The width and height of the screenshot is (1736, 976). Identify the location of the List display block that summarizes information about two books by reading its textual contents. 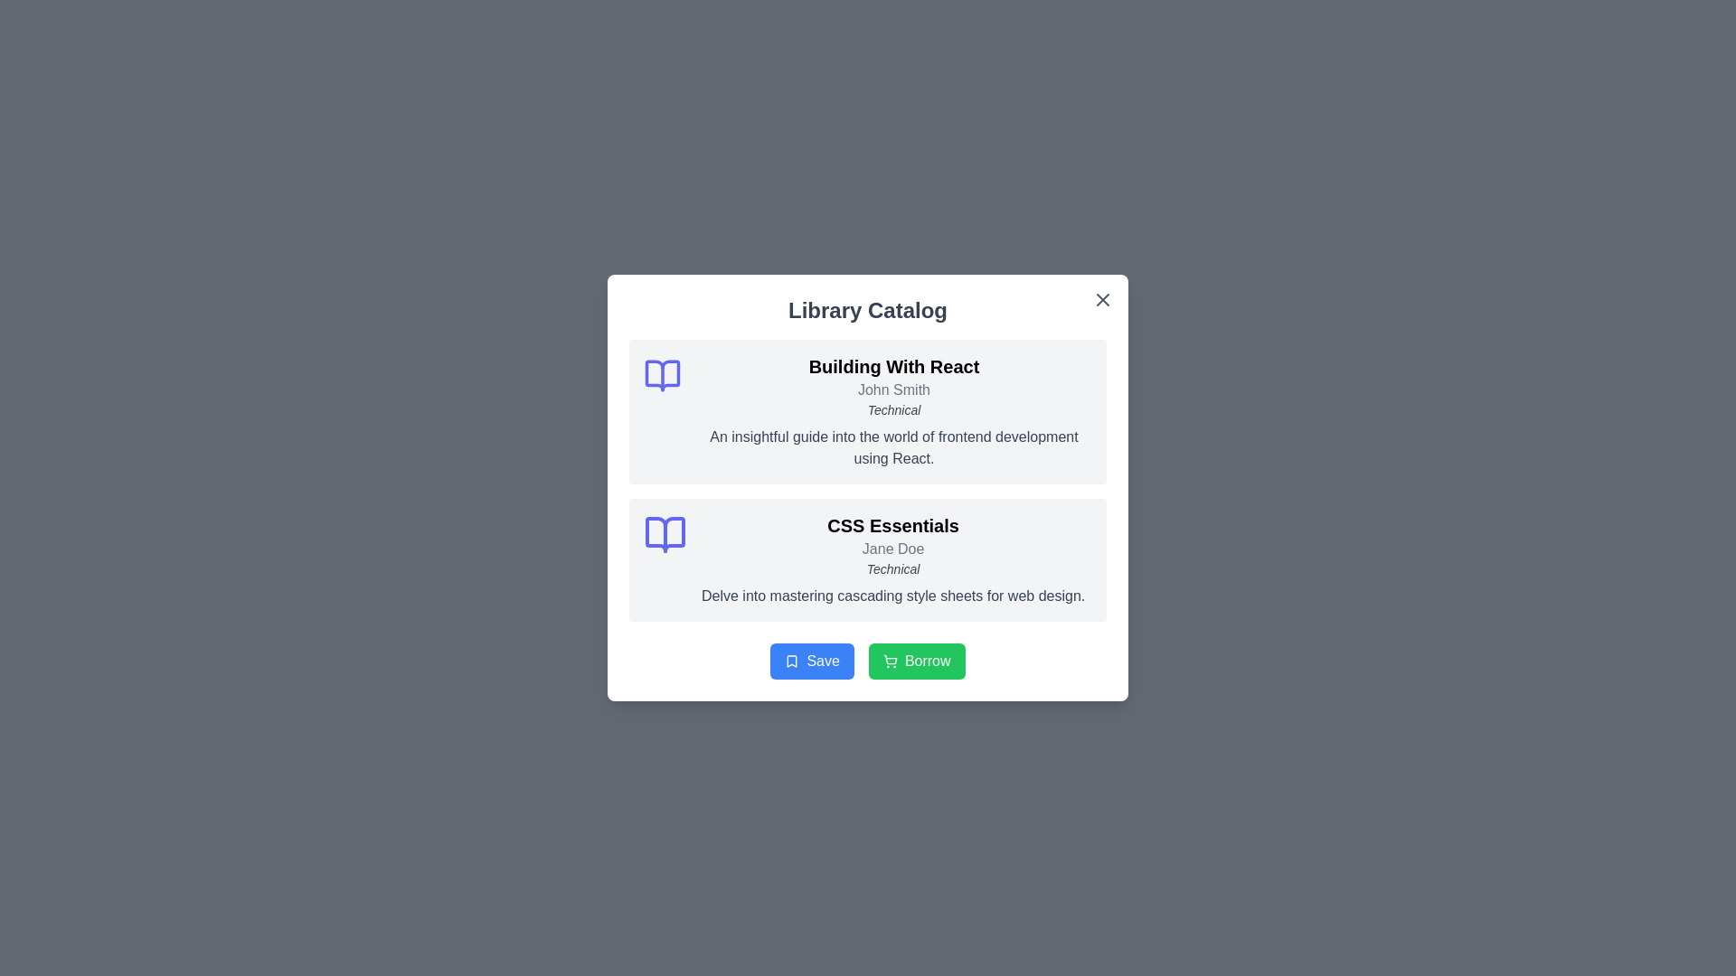
(868, 480).